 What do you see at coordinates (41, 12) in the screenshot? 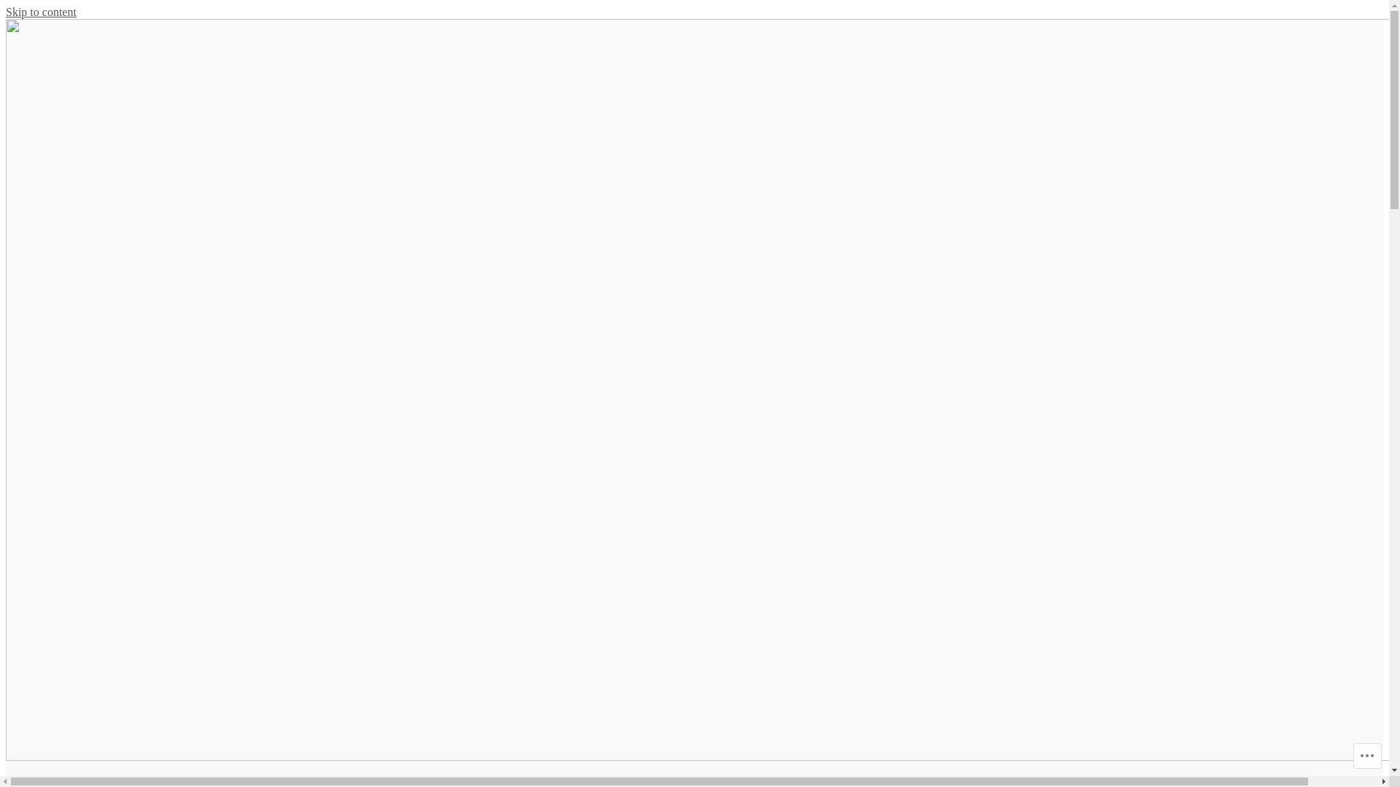
I see `'Skip to content'` at bounding box center [41, 12].